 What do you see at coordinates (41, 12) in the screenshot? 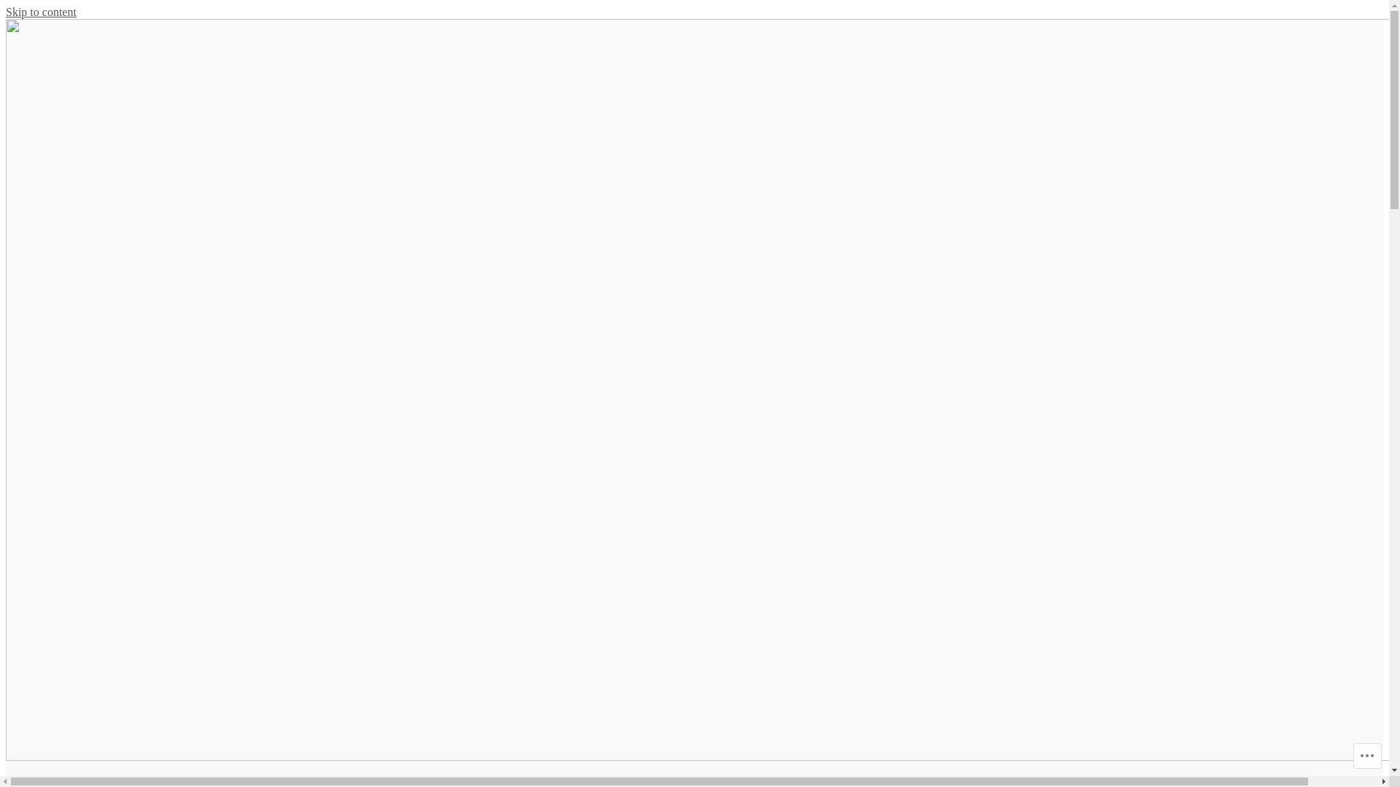
I see `'Skip to content'` at bounding box center [41, 12].